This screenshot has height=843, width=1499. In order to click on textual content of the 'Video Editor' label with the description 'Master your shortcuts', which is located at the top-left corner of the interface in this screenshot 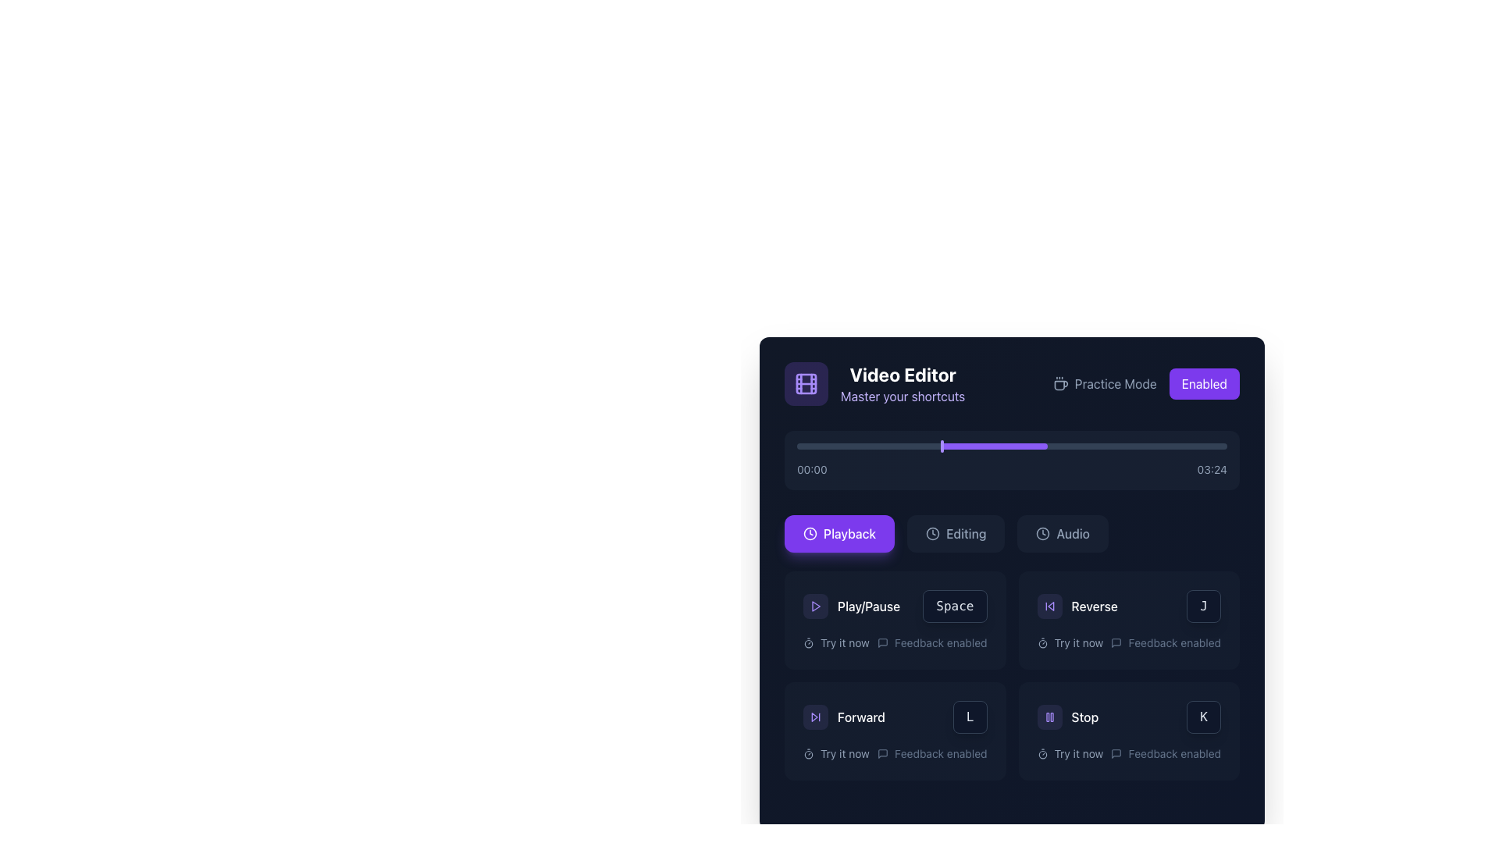, I will do `click(874, 384)`.